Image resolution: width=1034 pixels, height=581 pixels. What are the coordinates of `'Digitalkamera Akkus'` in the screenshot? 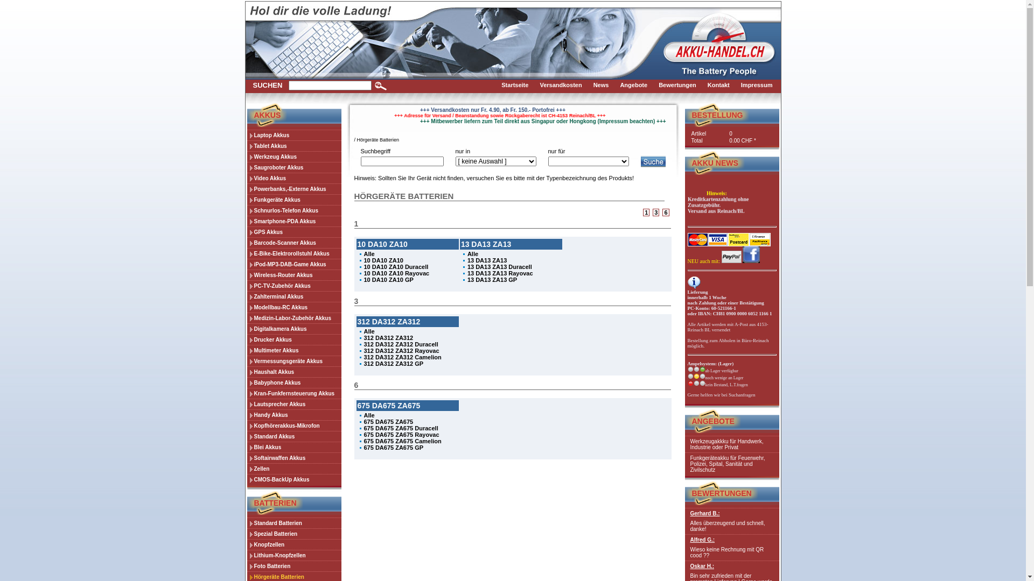 It's located at (294, 328).